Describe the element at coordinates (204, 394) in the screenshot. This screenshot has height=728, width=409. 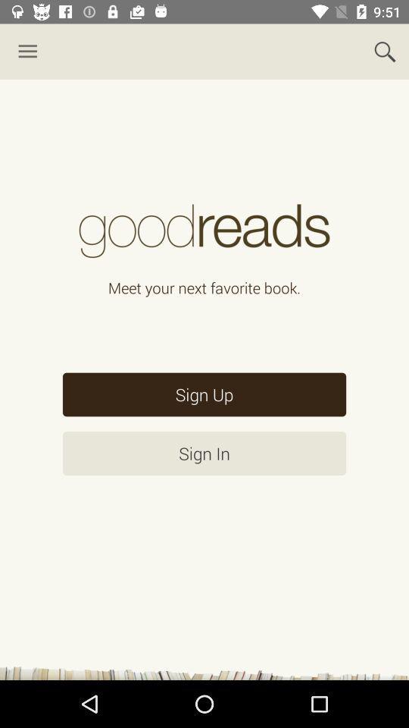
I see `icon below the meet your next item` at that location.